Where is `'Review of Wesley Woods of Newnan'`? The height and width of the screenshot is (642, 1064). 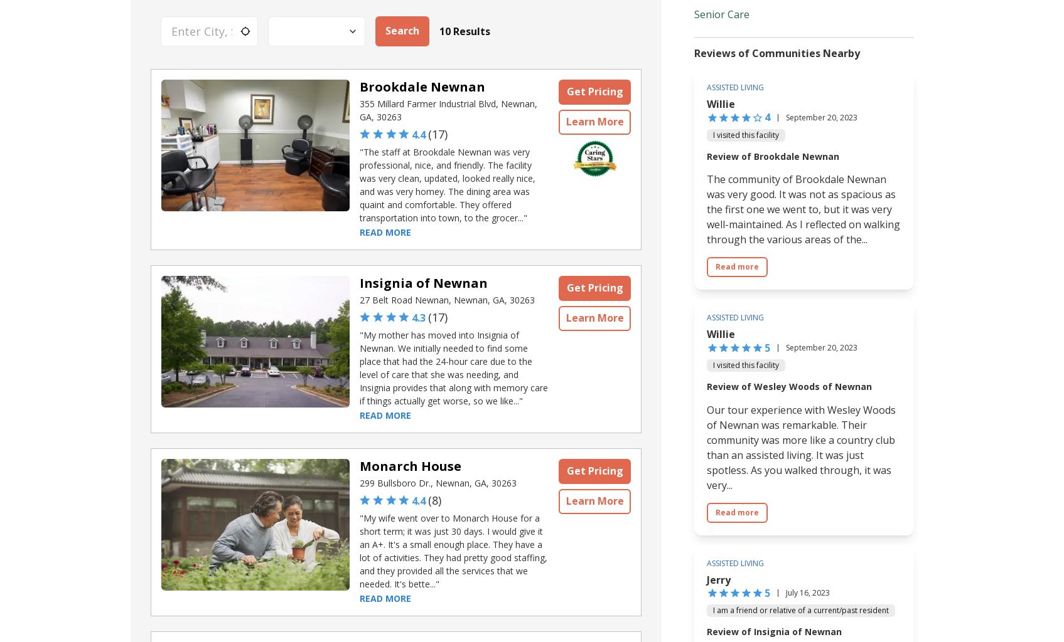
'Review of Wesley Woods of Newnan' is located at coordinates (788, 386).